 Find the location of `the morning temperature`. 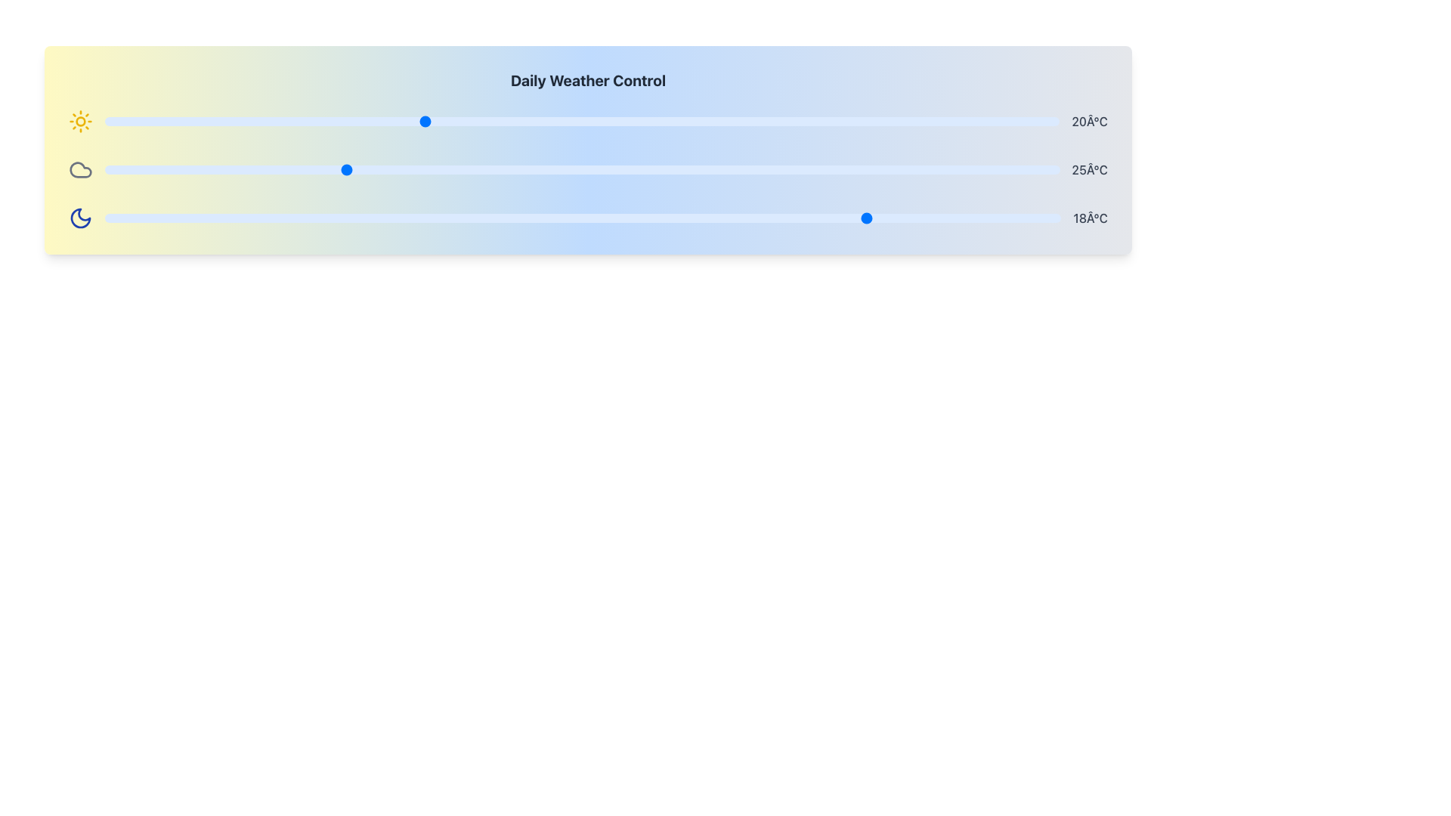

the morning temperature is located at coordinates (295, 121).